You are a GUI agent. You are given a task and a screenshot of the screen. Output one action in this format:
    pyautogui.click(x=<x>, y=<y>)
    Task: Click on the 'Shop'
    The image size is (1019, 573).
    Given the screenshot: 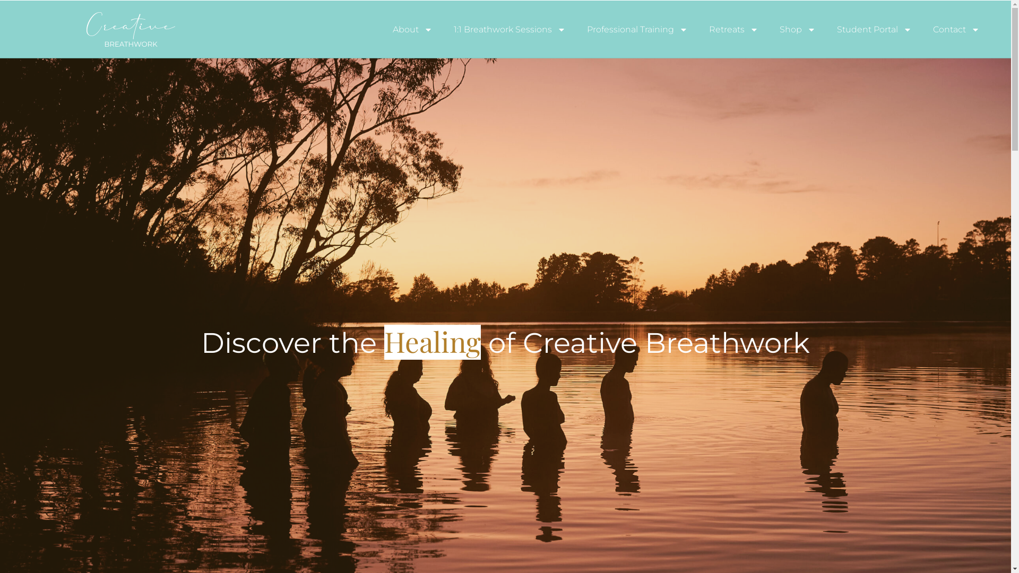 What is the action you would take?
    pyautogui.click(x=797, y=28)
    